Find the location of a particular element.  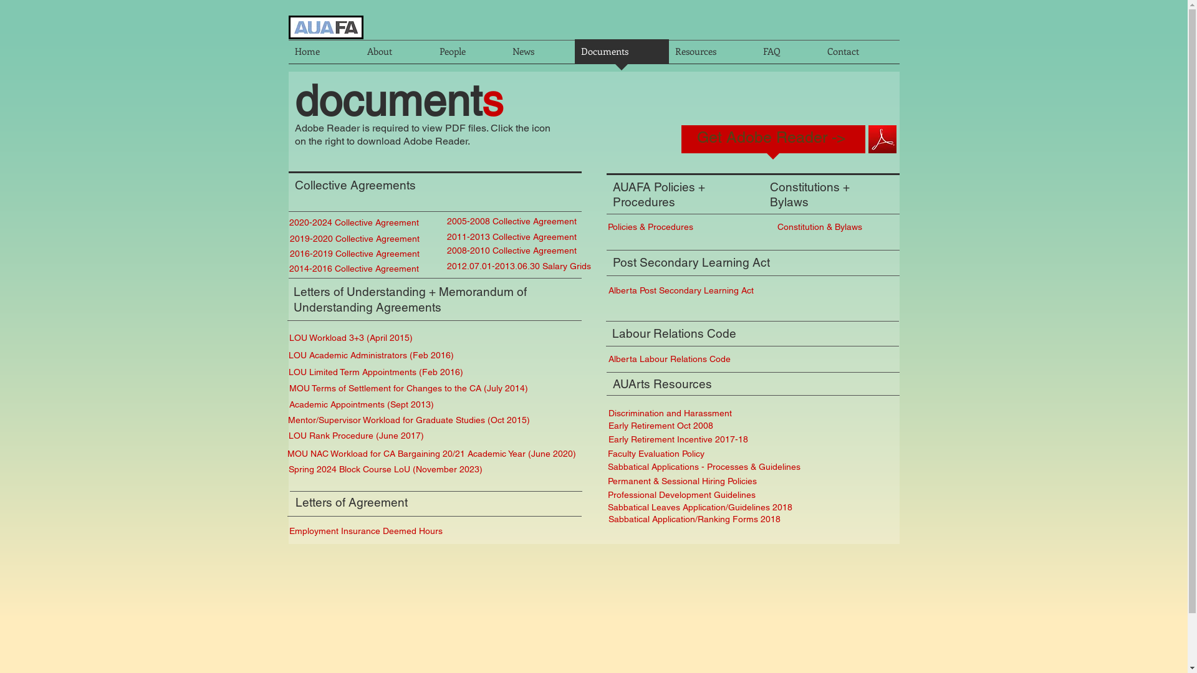

'Permanent & Sessional Hiring Policies' is located at coordinates (700, 480).